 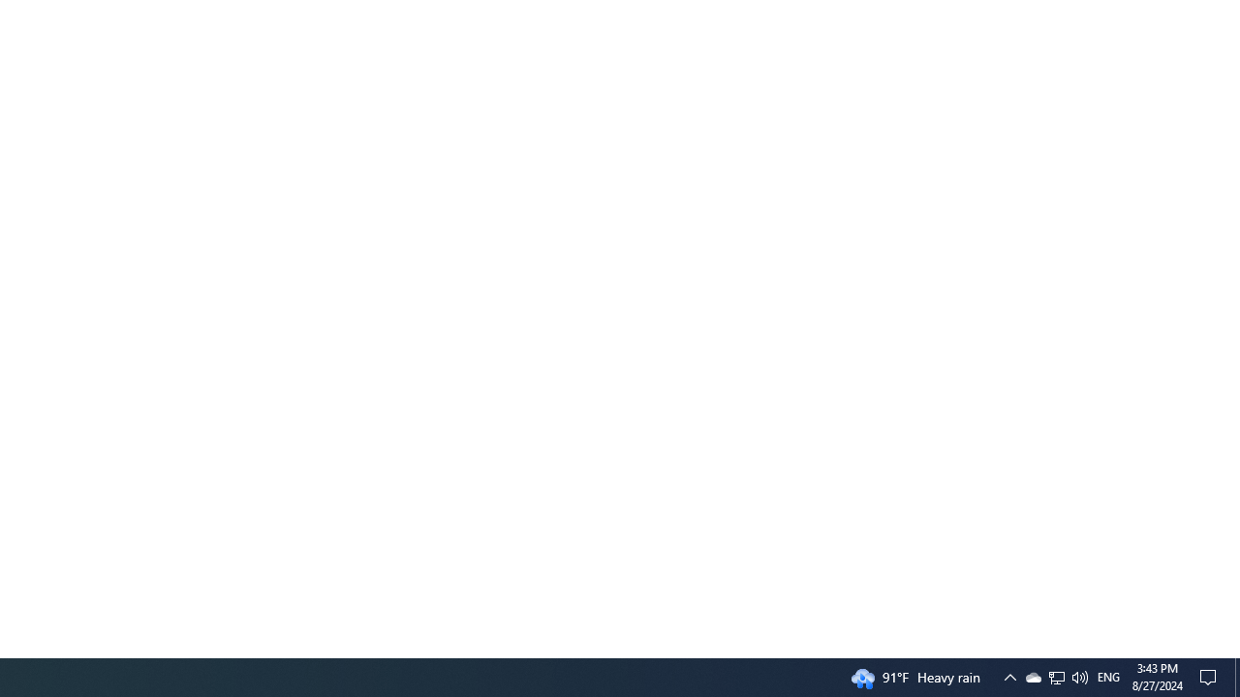 What do you see at coordinates (1236, 676) in the screenshot?
I see `'Show desktop'` at bounding box center [1236, 676].